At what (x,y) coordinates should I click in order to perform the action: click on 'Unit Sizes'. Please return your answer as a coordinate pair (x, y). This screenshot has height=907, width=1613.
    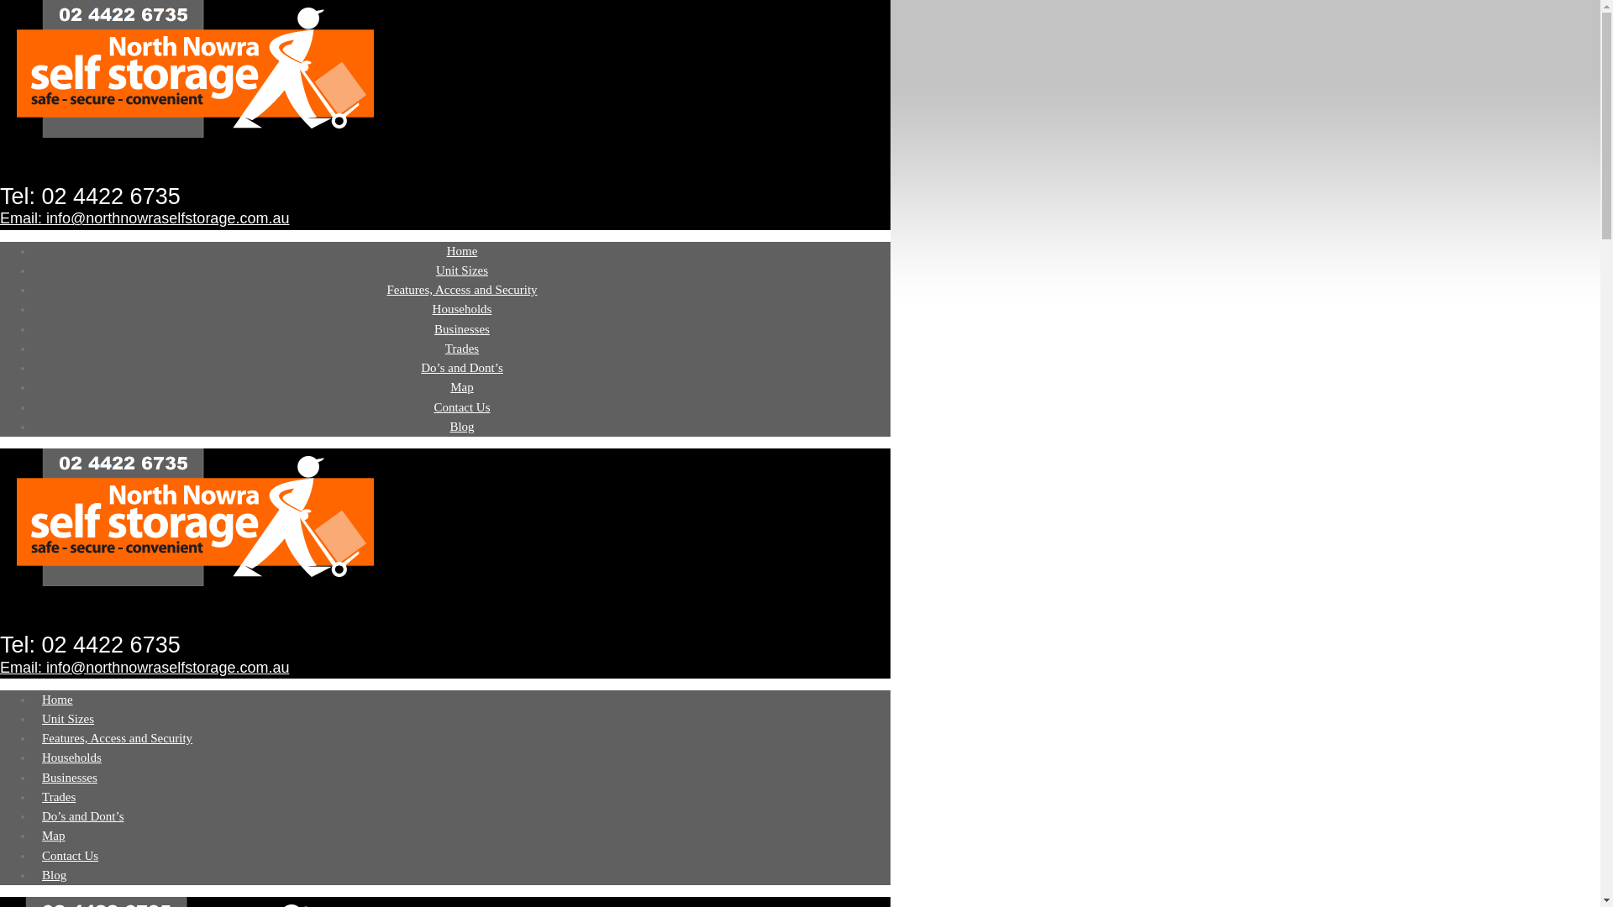
    Looking at the image, I should click on (67, 718).